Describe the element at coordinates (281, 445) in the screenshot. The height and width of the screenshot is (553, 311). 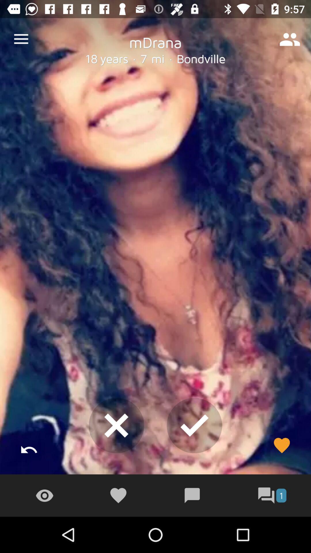
I see `the favorite icon` at that location.